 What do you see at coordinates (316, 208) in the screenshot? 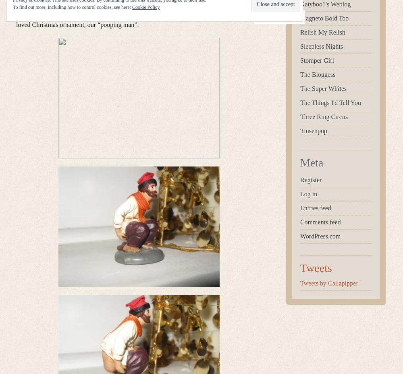
I see `'Entries feed'` at bounding box center [316, 208].